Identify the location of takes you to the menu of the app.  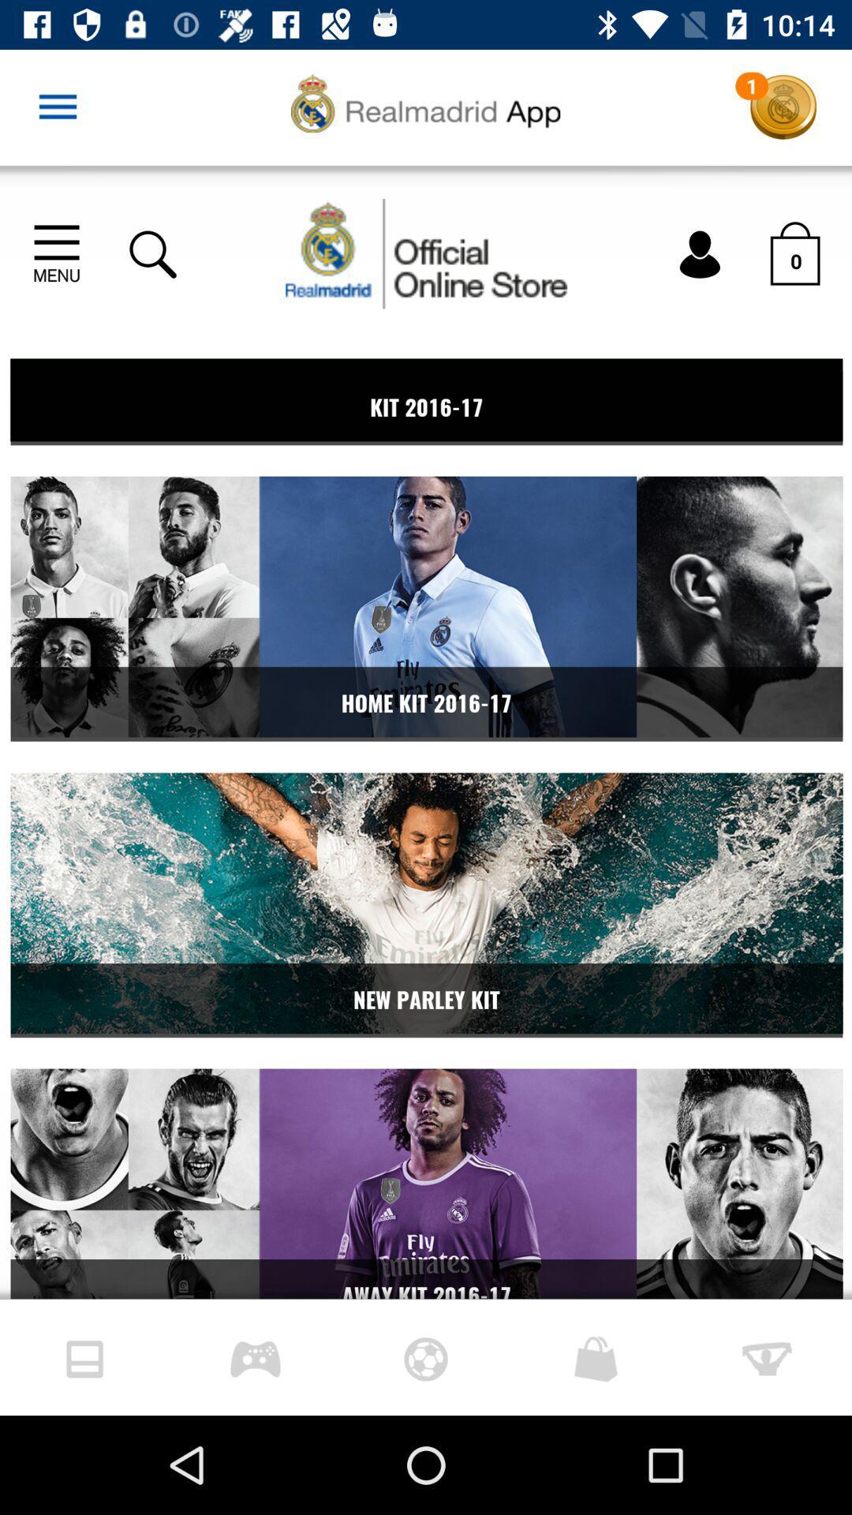
(57, 107).